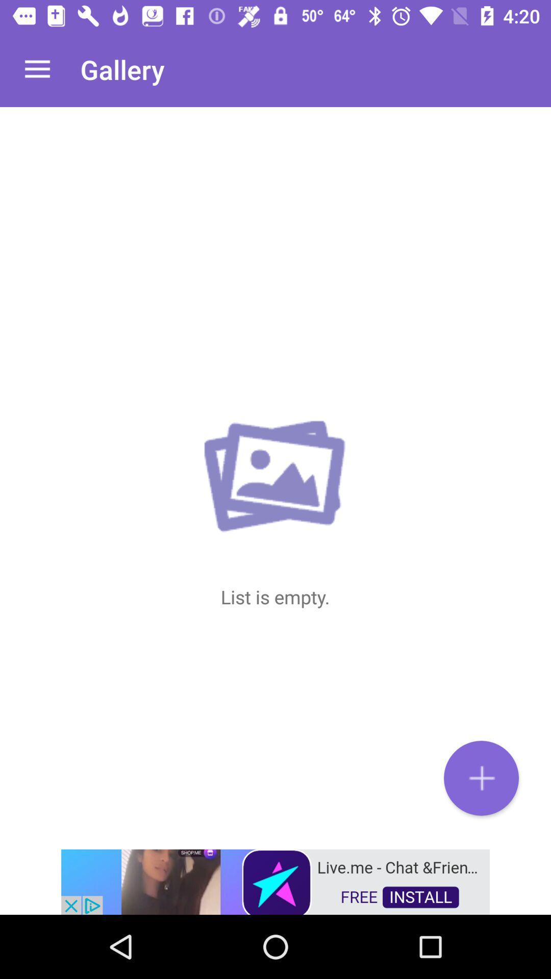 This screenshot has width=551, height=979. What do you see at coordinates (481, 778) in the screenshot?
I see `opens the add photo option` at bounding box center [481, 778].